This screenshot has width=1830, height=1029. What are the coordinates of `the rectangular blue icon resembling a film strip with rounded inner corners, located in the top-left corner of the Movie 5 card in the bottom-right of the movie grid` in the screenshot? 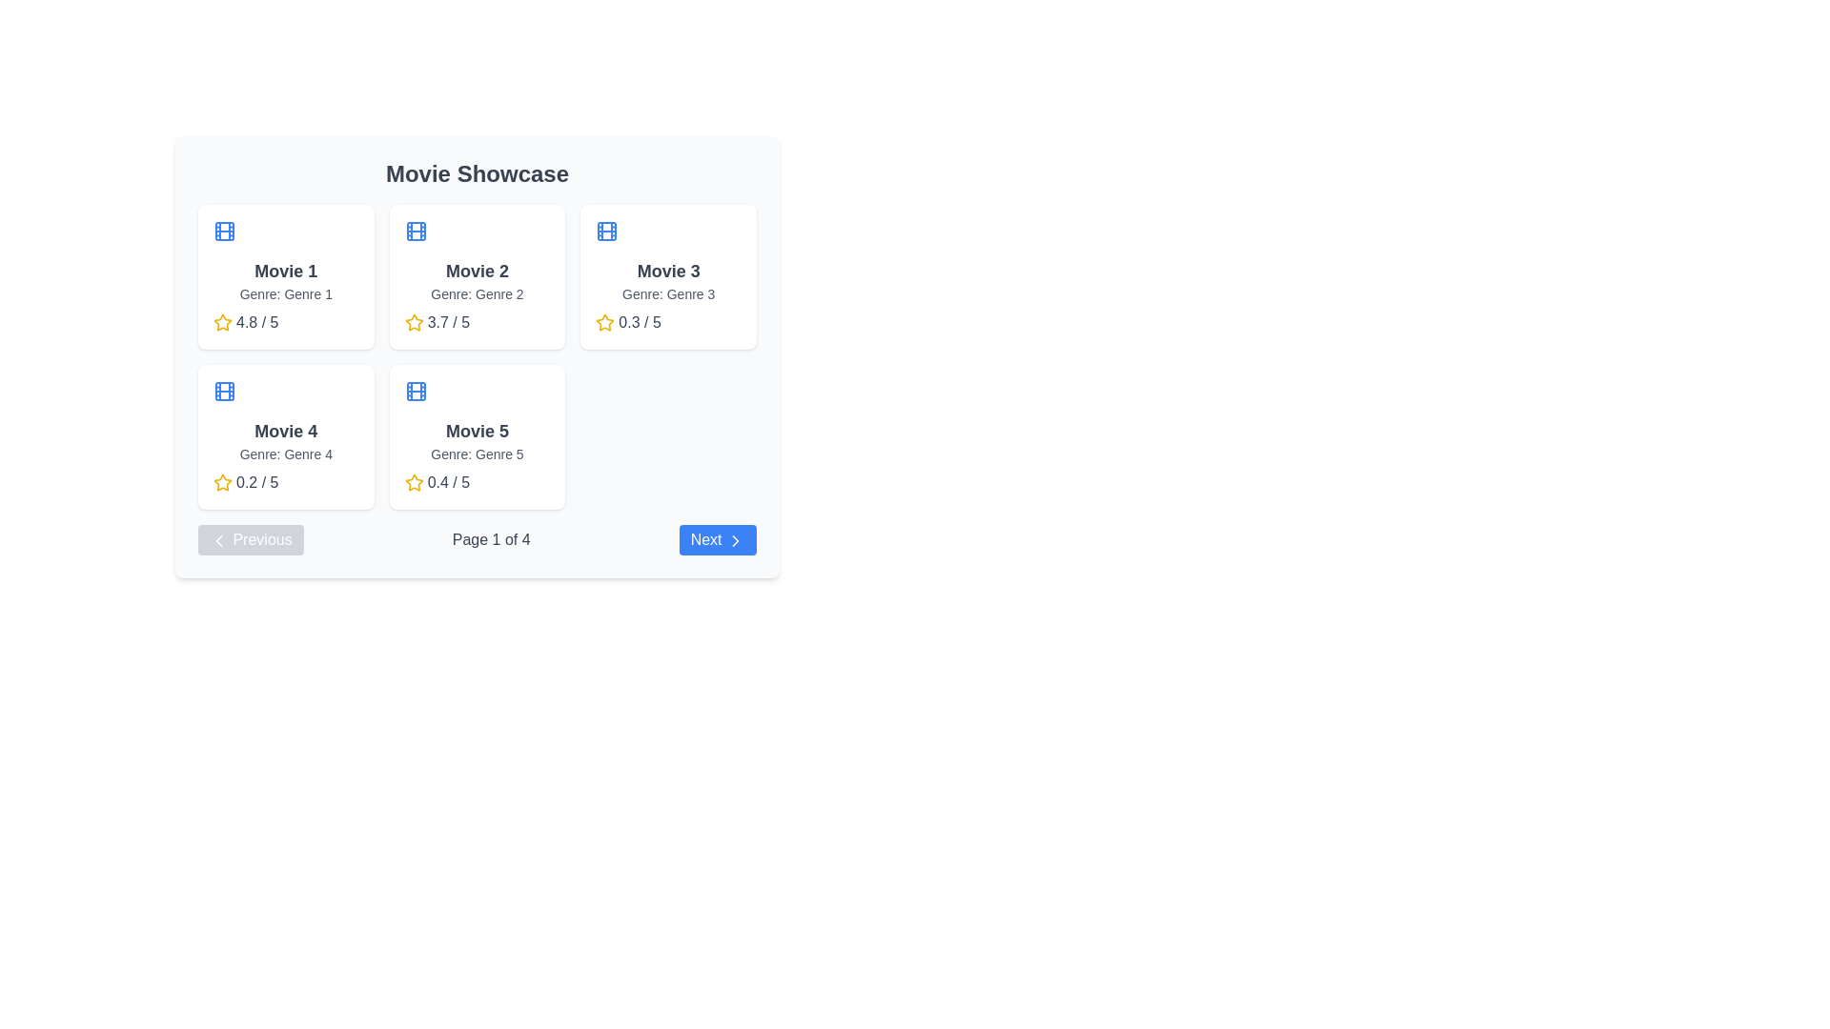 It's located at (415, 391).